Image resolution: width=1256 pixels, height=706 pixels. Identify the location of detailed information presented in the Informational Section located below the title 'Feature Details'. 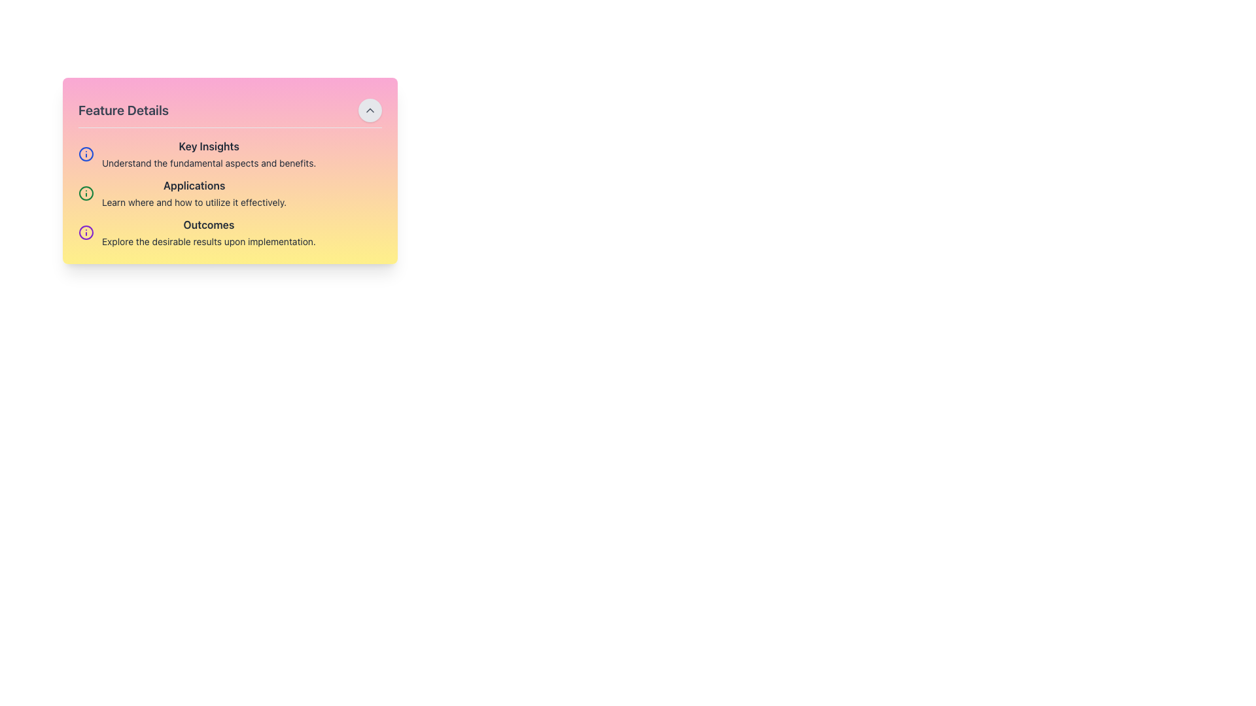
(230, 193).